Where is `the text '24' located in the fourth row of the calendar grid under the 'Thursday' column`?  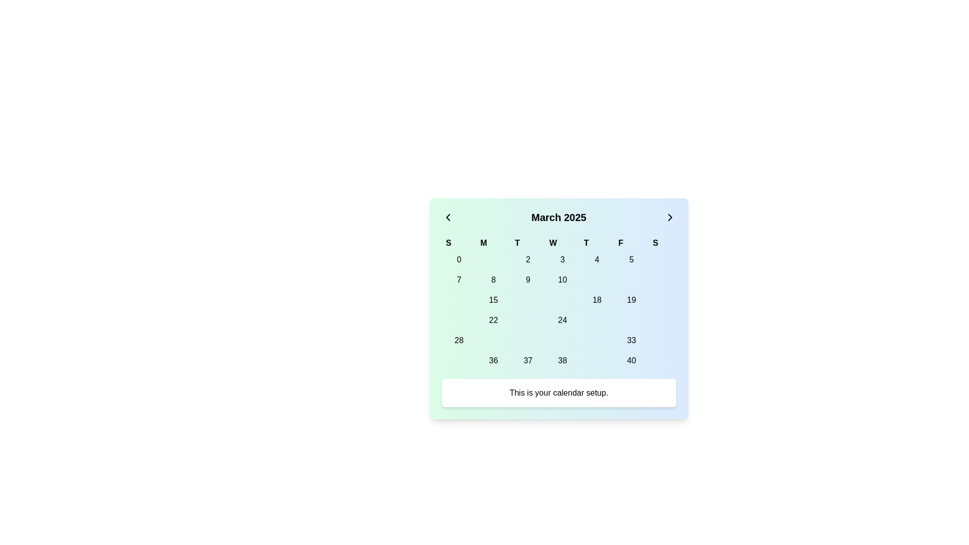
the text '24' located in the fourth row of the calendar grid under the 'Thursday' column is located at coordinates (558, 320).